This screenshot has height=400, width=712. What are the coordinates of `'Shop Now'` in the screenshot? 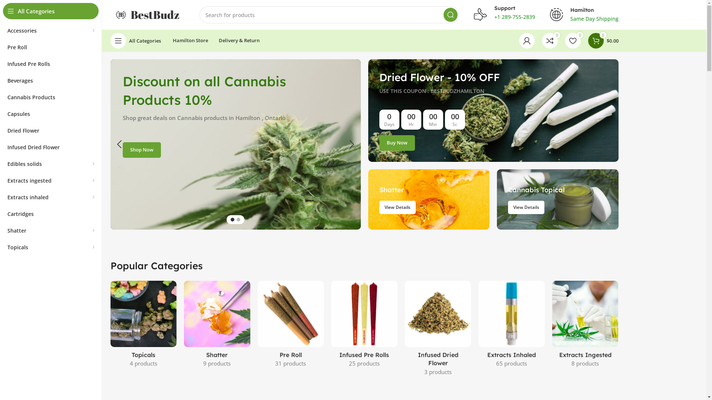 It's located at (142, 150).